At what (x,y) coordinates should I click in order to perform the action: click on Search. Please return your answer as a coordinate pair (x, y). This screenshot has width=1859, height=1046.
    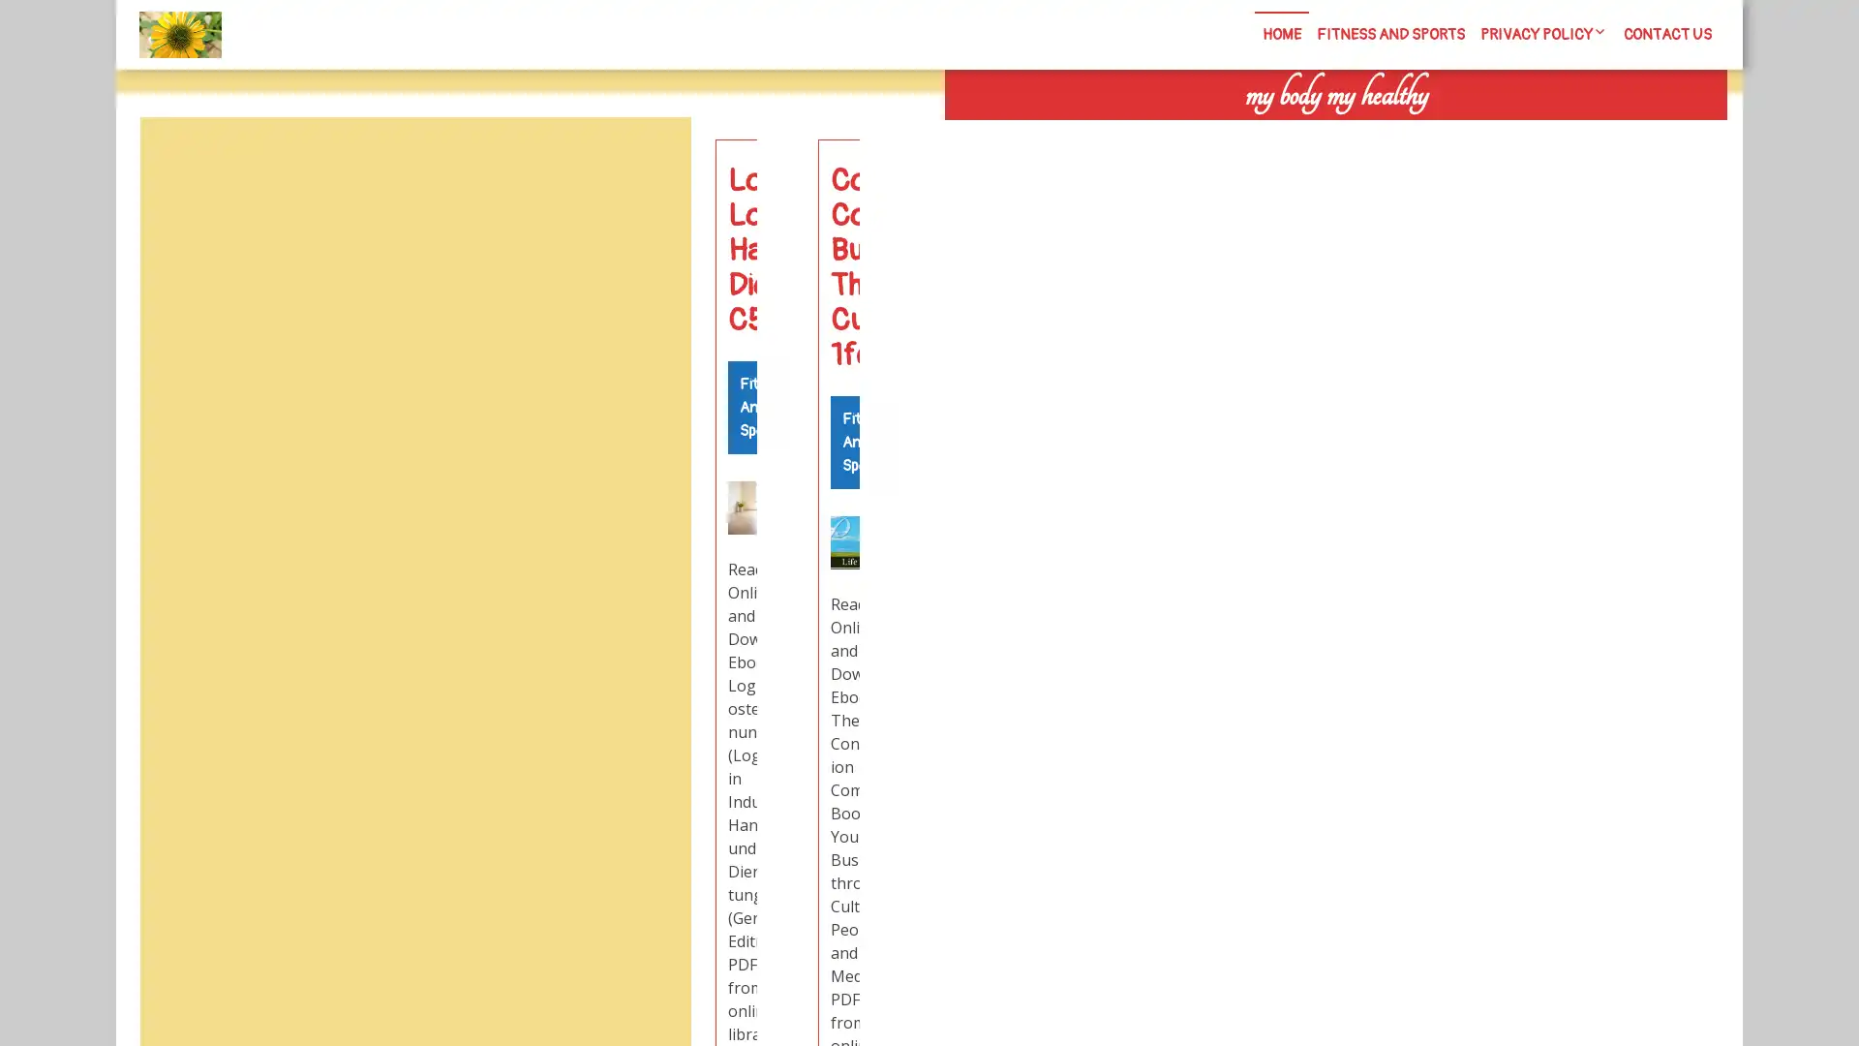
    Looking at the image, I should click on (1508, 136).